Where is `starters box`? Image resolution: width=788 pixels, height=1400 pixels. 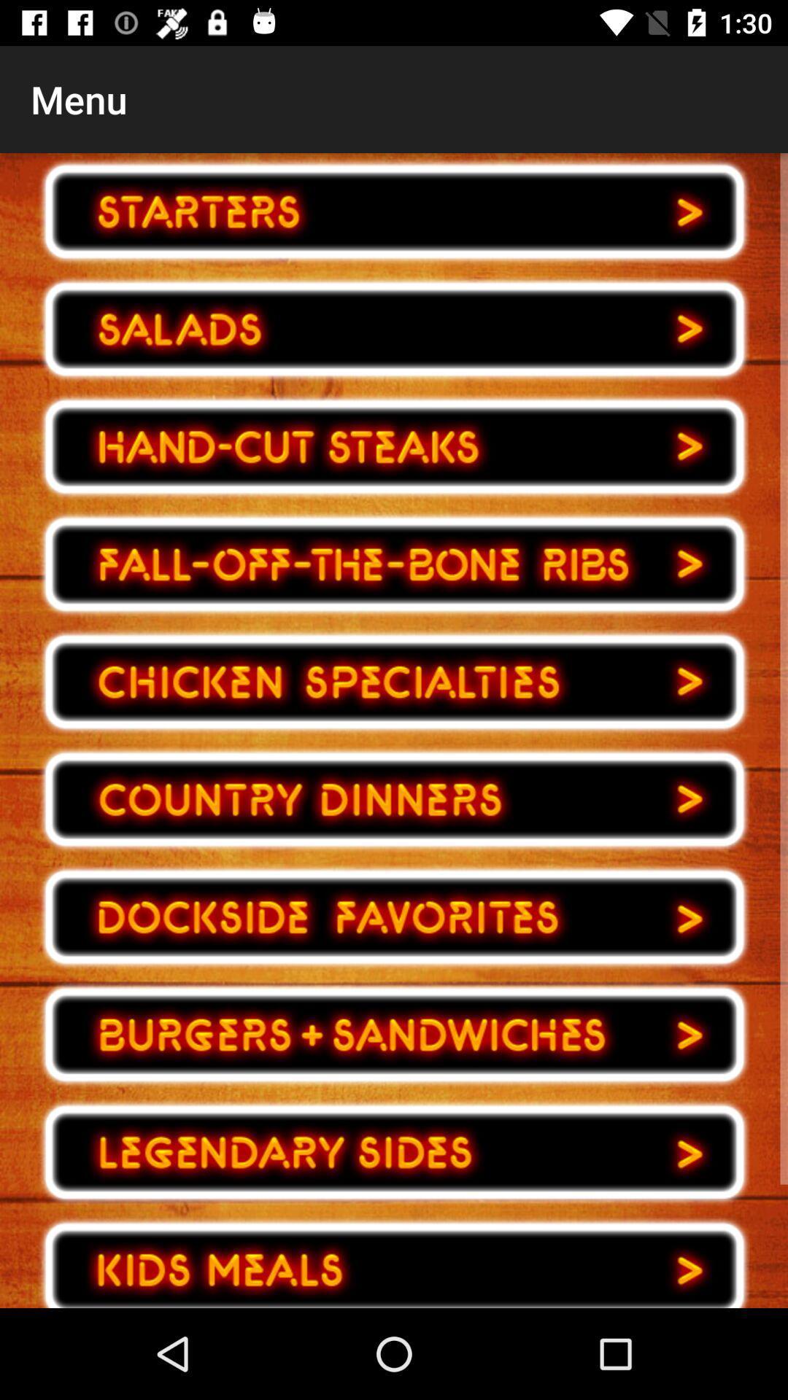 starters box is located at coordinates (394, 211).